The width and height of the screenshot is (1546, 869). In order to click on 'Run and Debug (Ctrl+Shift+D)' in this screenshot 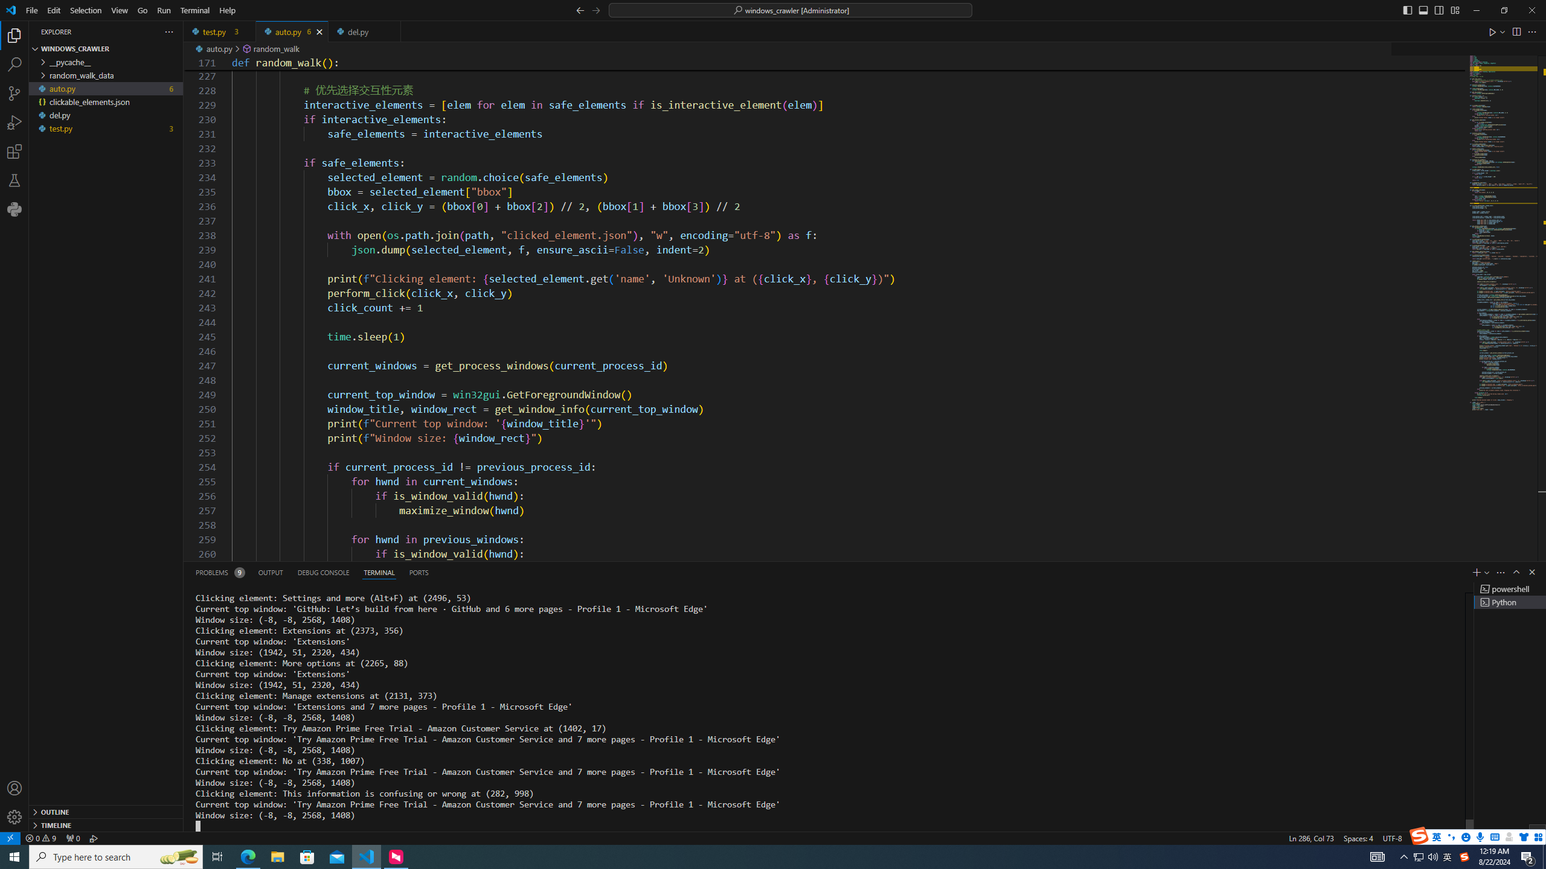, I will do `click(14, 122)`.